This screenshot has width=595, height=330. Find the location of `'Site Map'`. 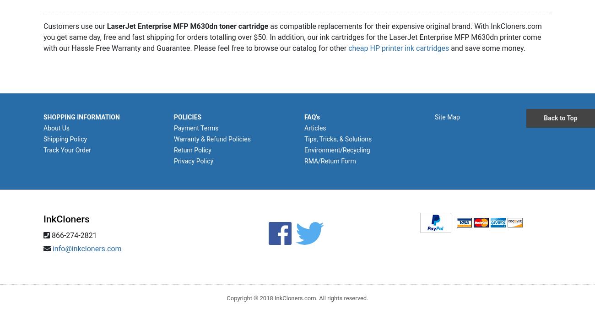

'Site Map' is located at coordinates (435, 117).